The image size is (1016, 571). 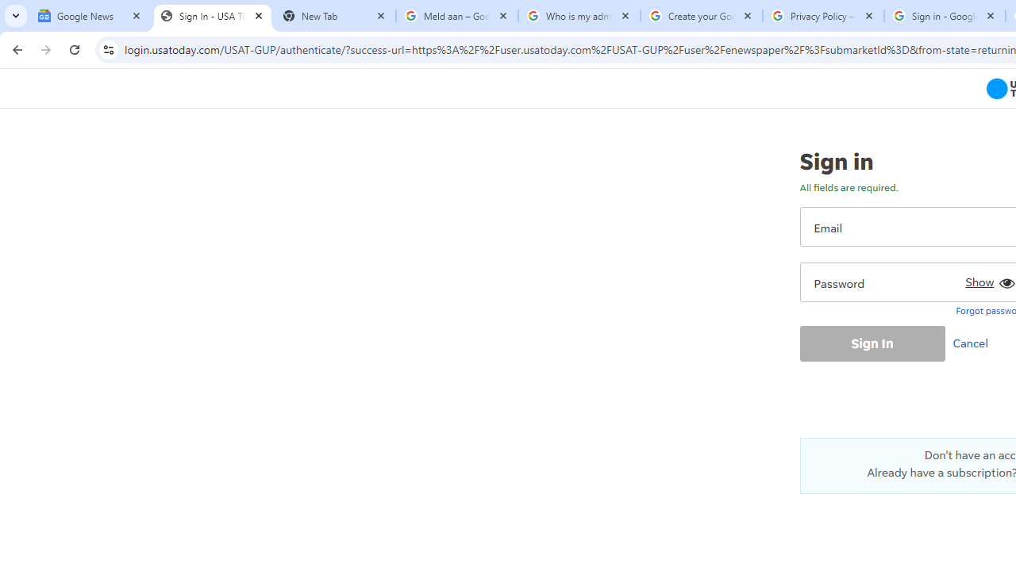 What do you see at coordinates (987, 278) in the screenshot?
I see `'Show'` at bounding box center [987, 278].